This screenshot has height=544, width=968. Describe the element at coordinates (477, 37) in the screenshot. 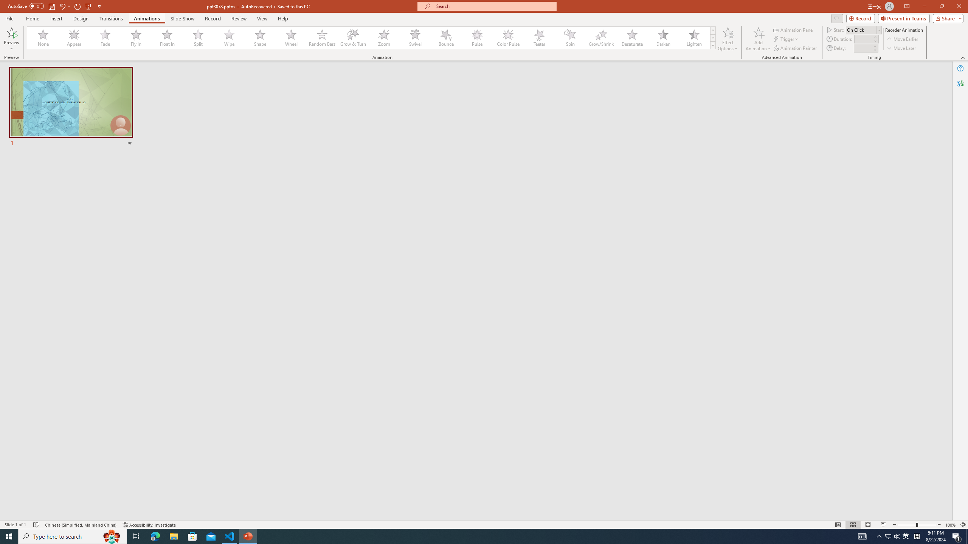

I see `'Pulse'` at that location.